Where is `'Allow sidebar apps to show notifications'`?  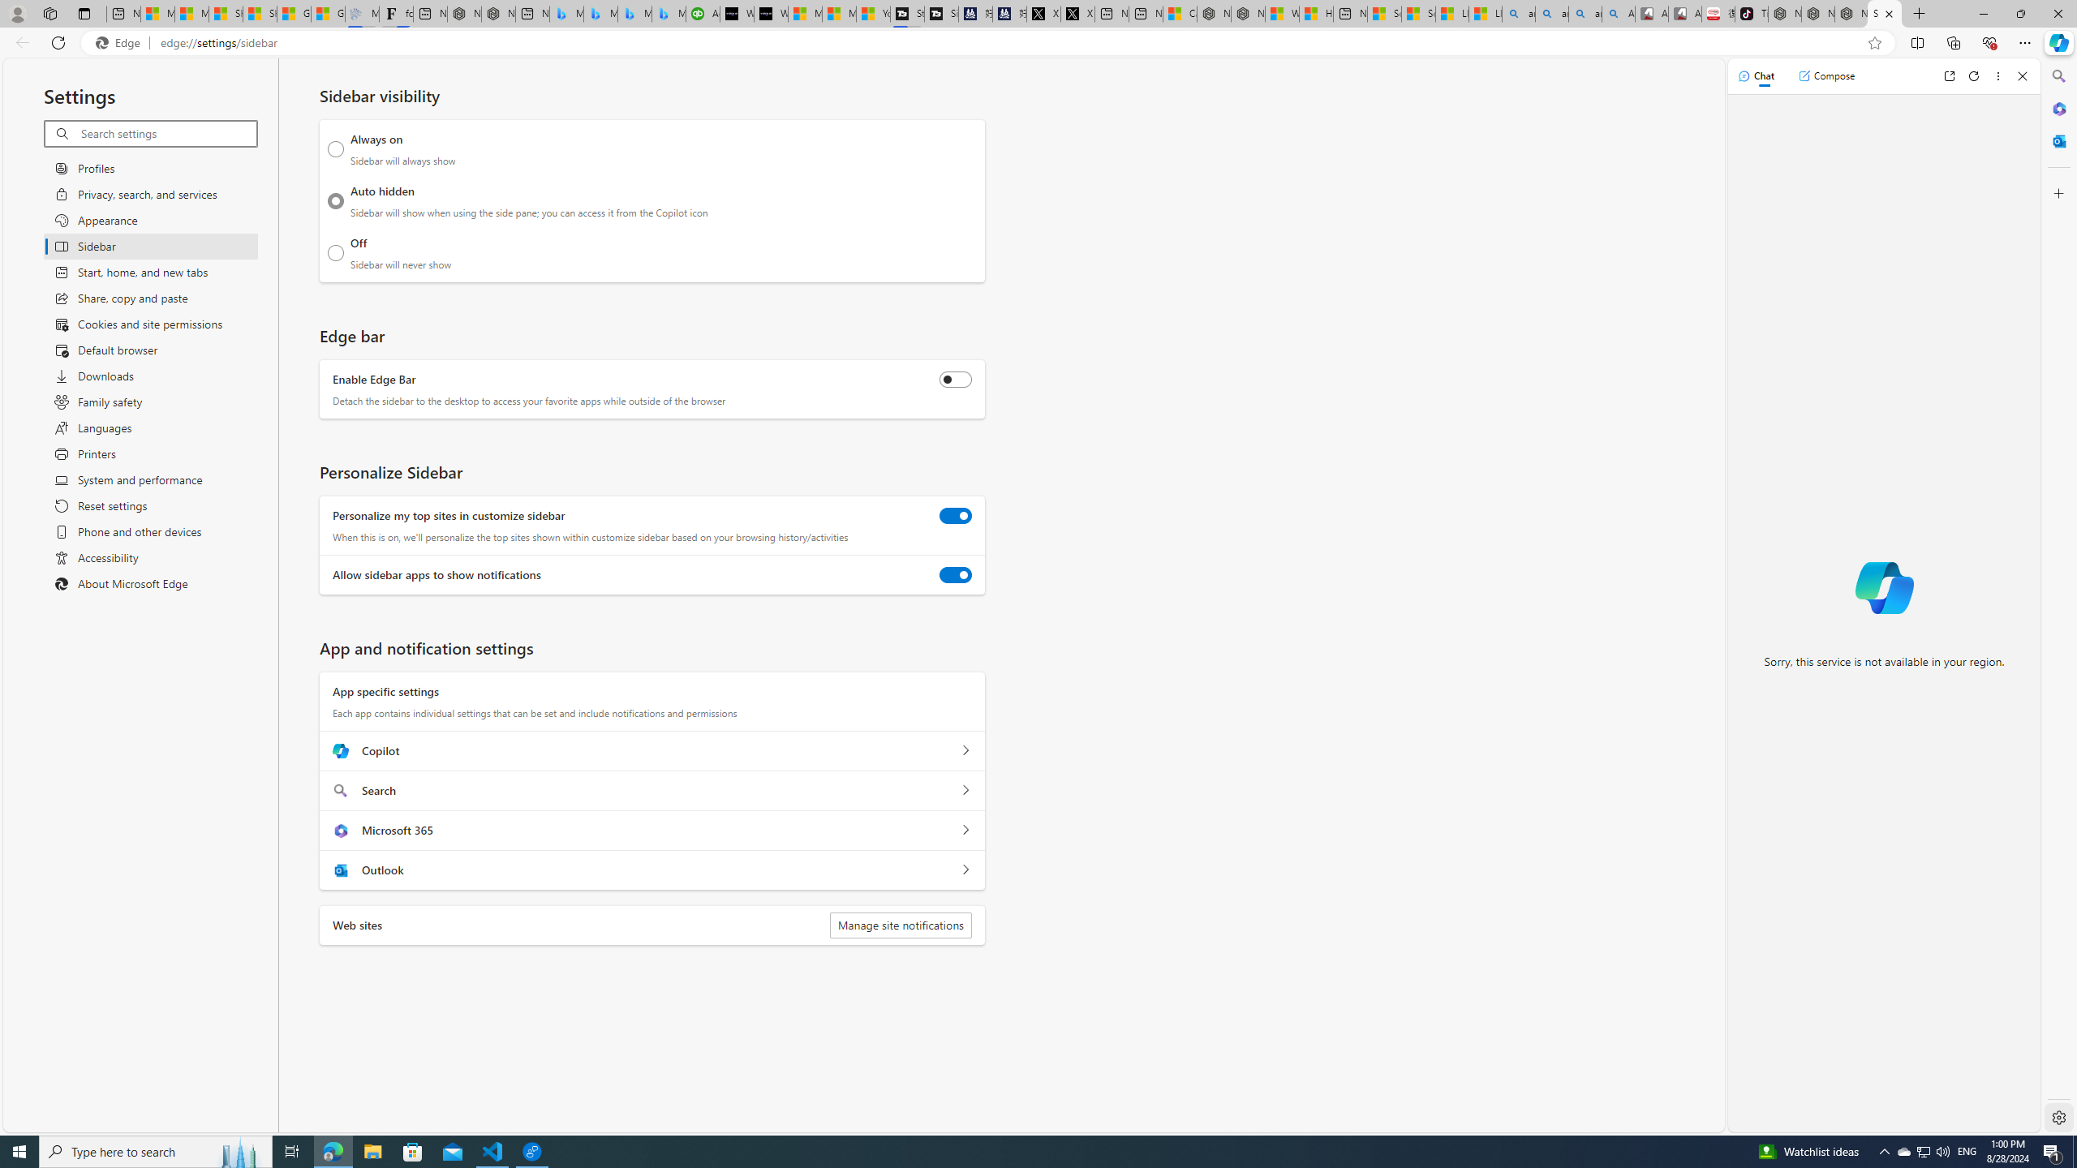
'Allow sidebar apps to show notifications' is located at coordinates (955, 574).